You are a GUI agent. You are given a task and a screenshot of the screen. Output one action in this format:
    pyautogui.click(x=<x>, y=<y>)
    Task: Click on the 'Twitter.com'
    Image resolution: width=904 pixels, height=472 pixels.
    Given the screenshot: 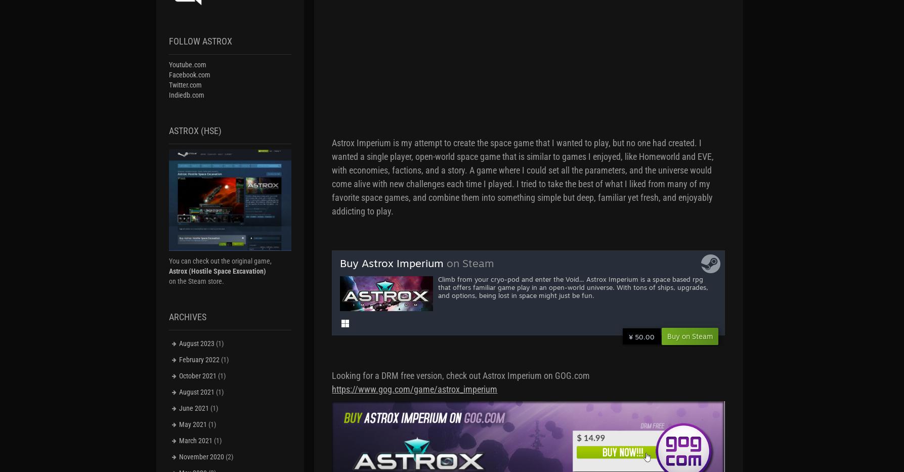 What is the action you would take?
    pyautogui.click(x=185, y=84)
    